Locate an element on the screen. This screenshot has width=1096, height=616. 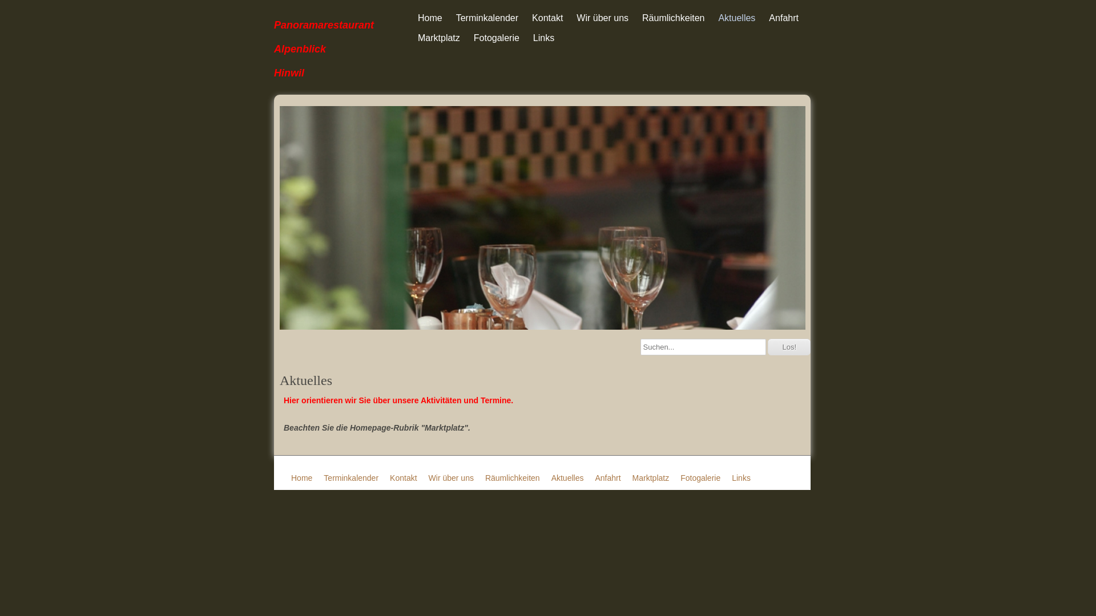
'Anfahrt' is located at coordinates (594, 477).